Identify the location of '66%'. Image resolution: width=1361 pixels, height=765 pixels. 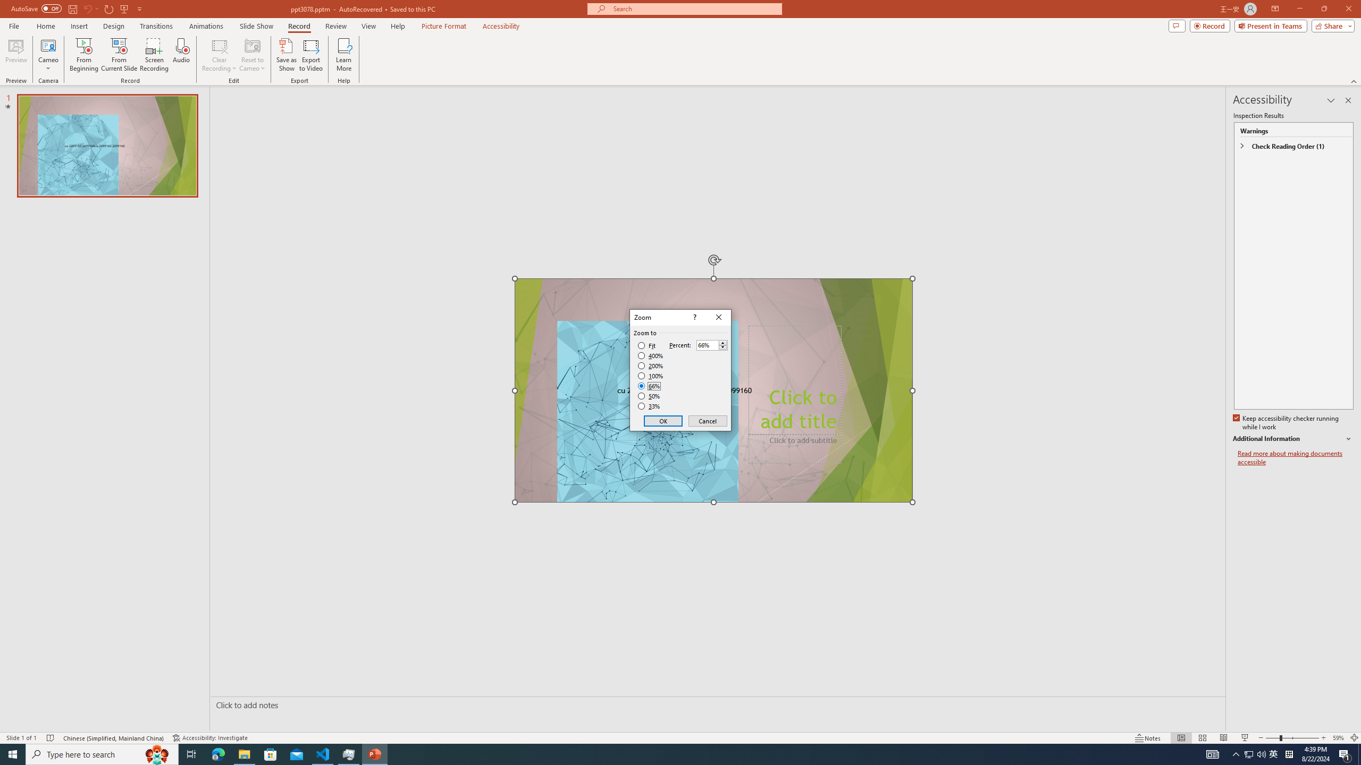
(650, 385).